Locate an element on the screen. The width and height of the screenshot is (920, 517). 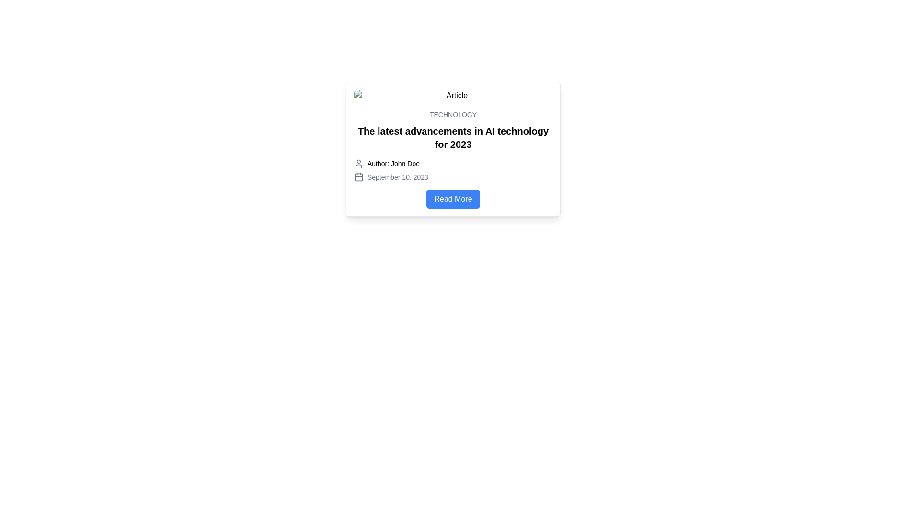
the text label displaying 'September 10, 2023', located in the lower-left section of the article detail card, below the author's name is located at coordinates (398, 177).